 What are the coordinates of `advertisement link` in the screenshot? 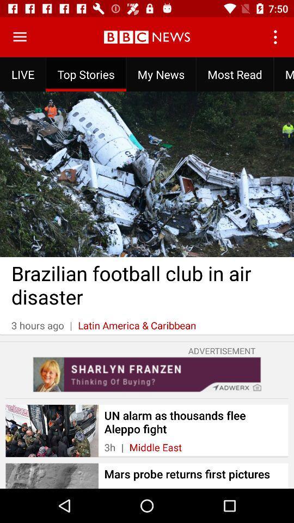 It's located at (147, 374).